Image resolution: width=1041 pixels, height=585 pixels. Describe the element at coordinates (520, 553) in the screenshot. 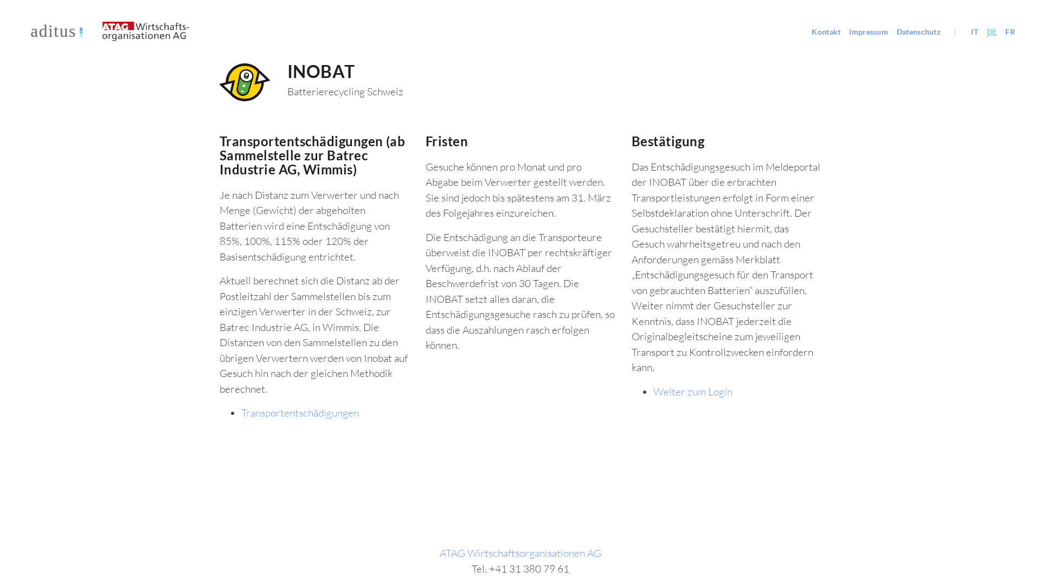

I see `'ATAG Wirtschaftsorganisationen AG'` at that location.